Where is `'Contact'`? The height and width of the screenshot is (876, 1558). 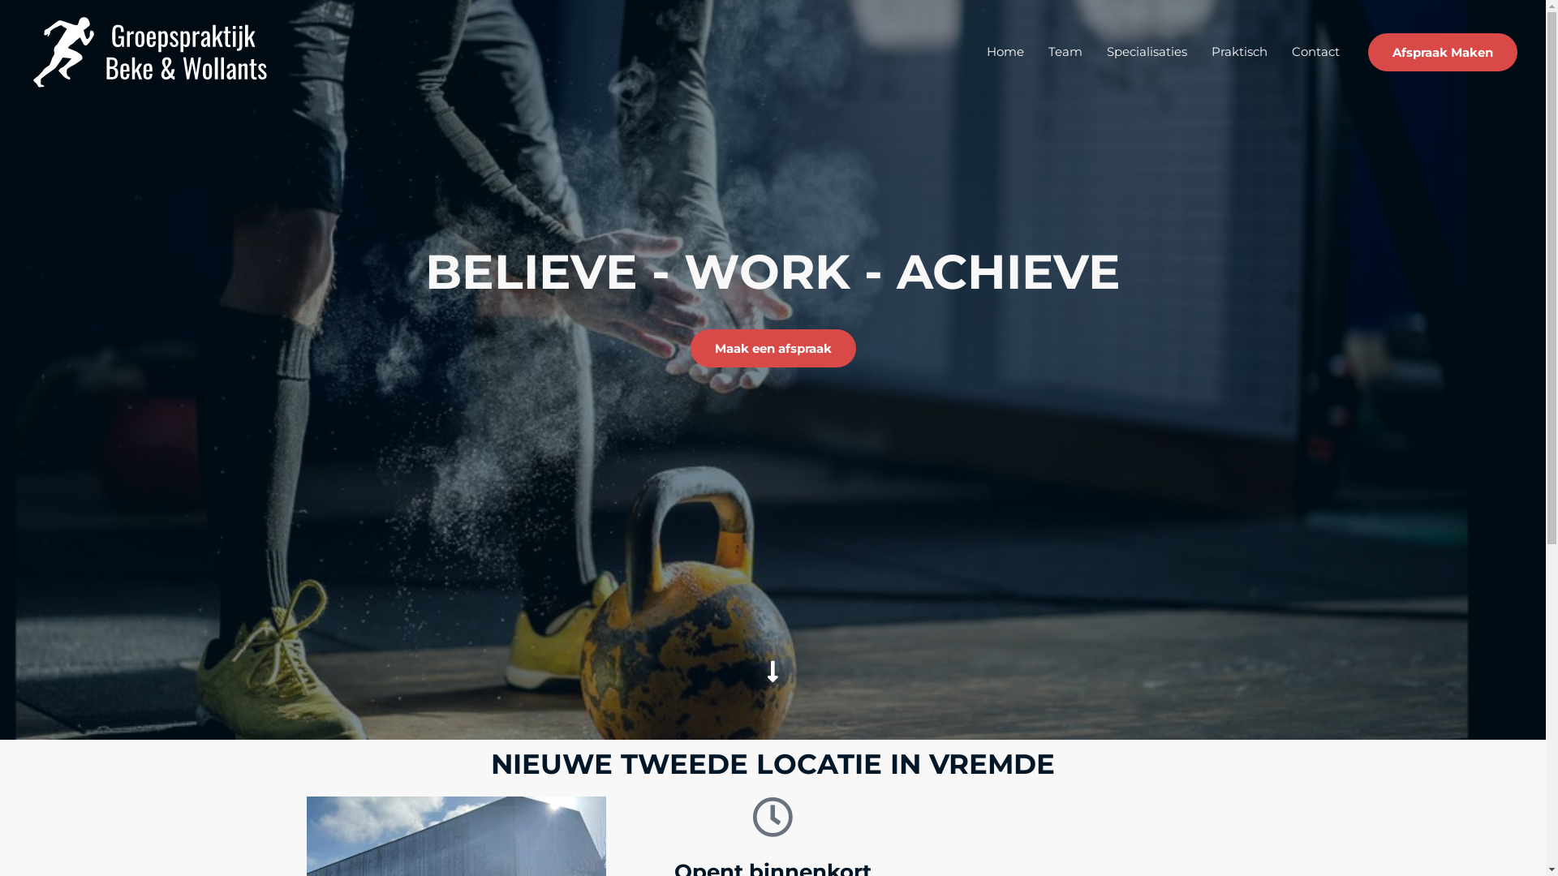
'Contact' is located at coordinates (1315, 51).